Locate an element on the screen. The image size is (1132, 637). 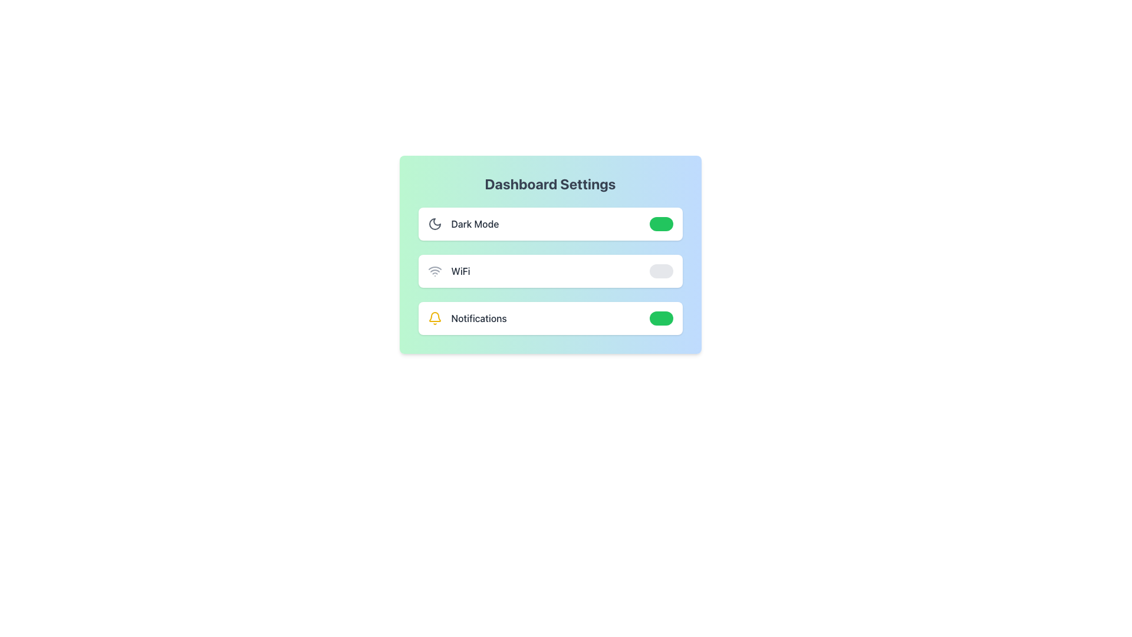
the toggle switch for Notifications, which is located to the far right of the Notifications label, to determine the current setting status is located at coordinates (661, 318).